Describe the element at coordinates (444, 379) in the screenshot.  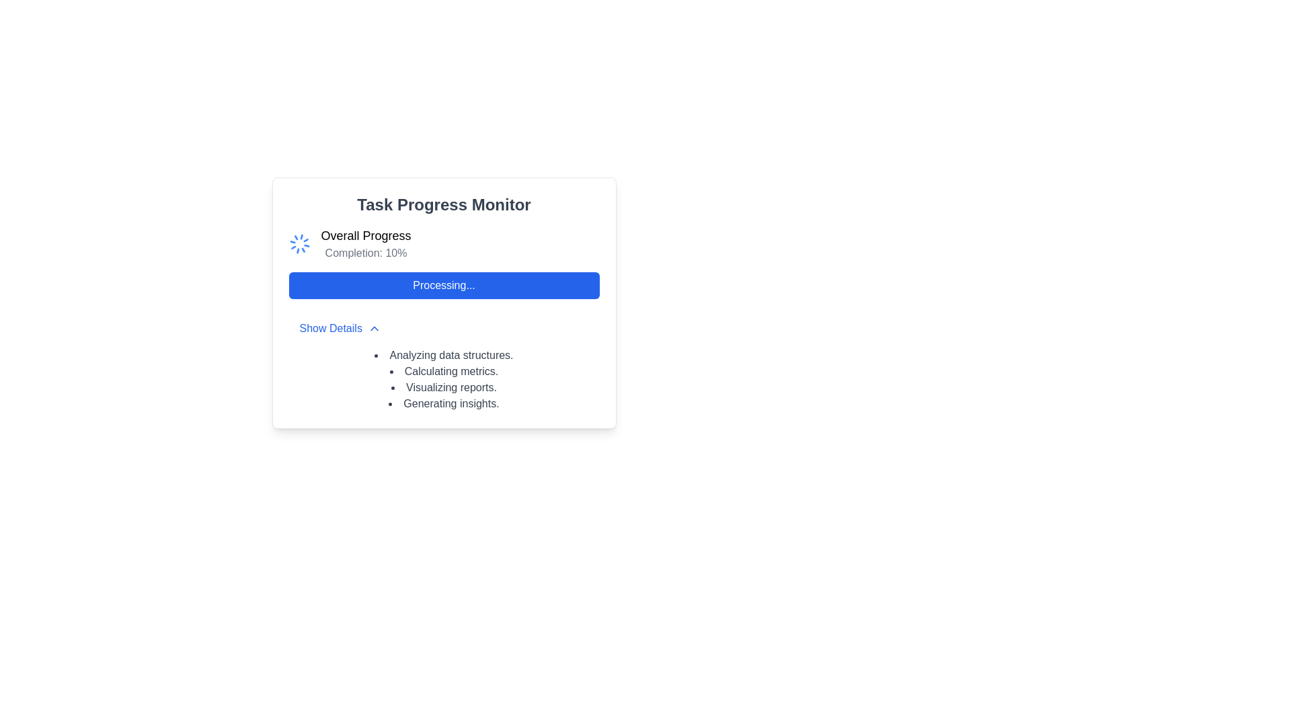
I see `the bulleted list containing items such as 'Analyzing data structures.', 'Calculating metrics.', 'Visualizing reports.', and 'Generating insights.' positioned below the 'Show Details' link` at that location.